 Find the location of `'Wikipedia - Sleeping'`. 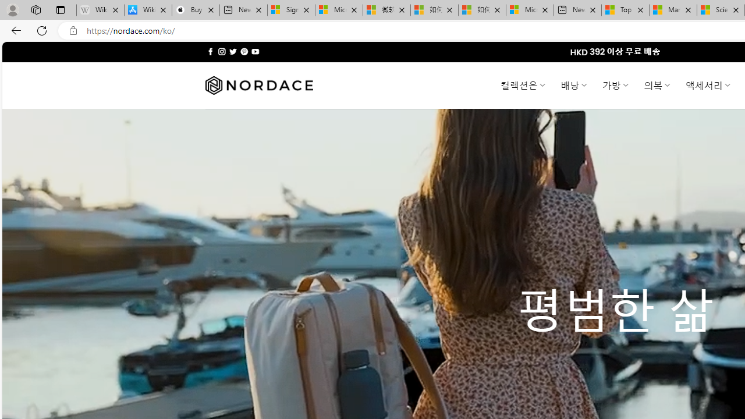

'Wikipedia - Sleeping' is located at coordinates (100, 10).